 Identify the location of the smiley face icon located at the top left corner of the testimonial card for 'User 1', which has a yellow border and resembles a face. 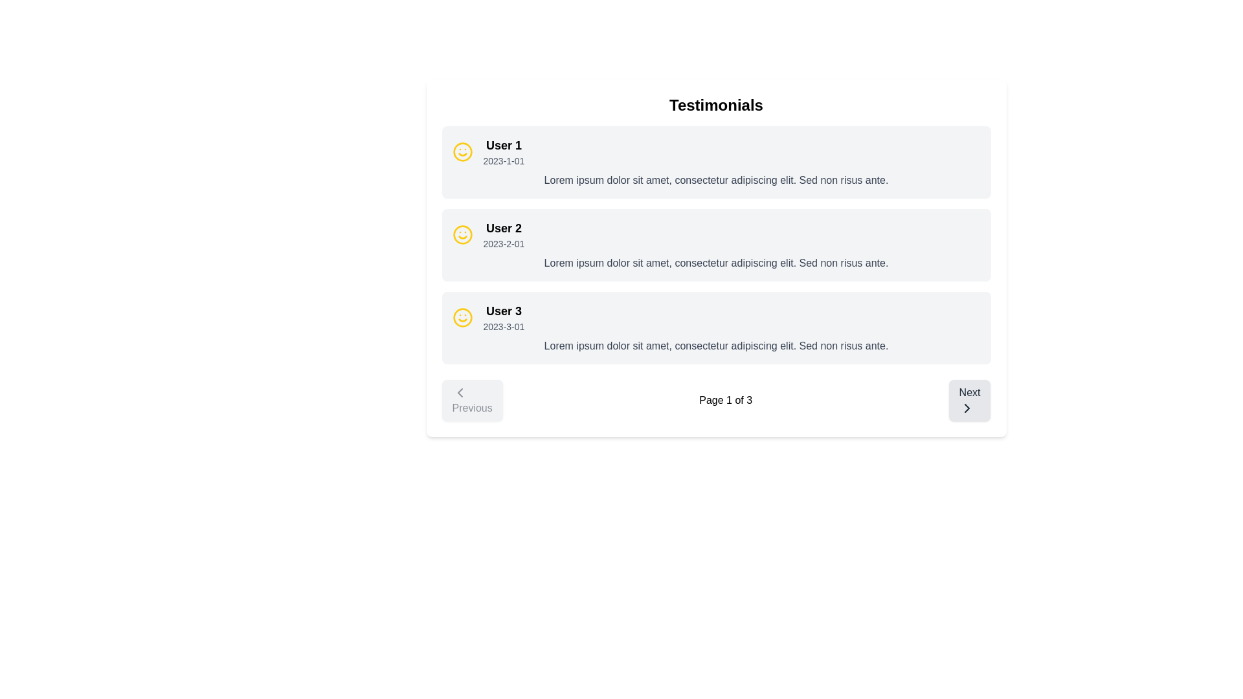
(462, 151).